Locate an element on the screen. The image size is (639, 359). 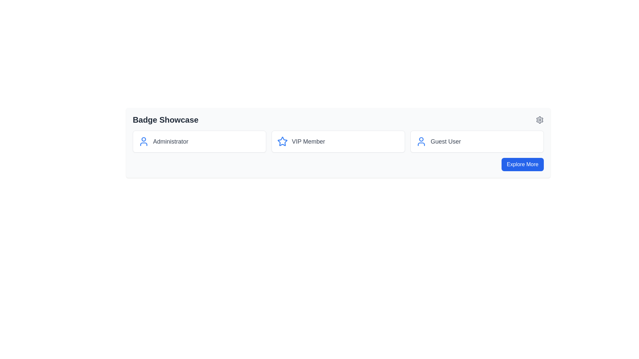
the circular graphical representation within the 'Guest User' profile icon, which is the third user type card in a horizontal arrangement is located at coordinates (421, 139).